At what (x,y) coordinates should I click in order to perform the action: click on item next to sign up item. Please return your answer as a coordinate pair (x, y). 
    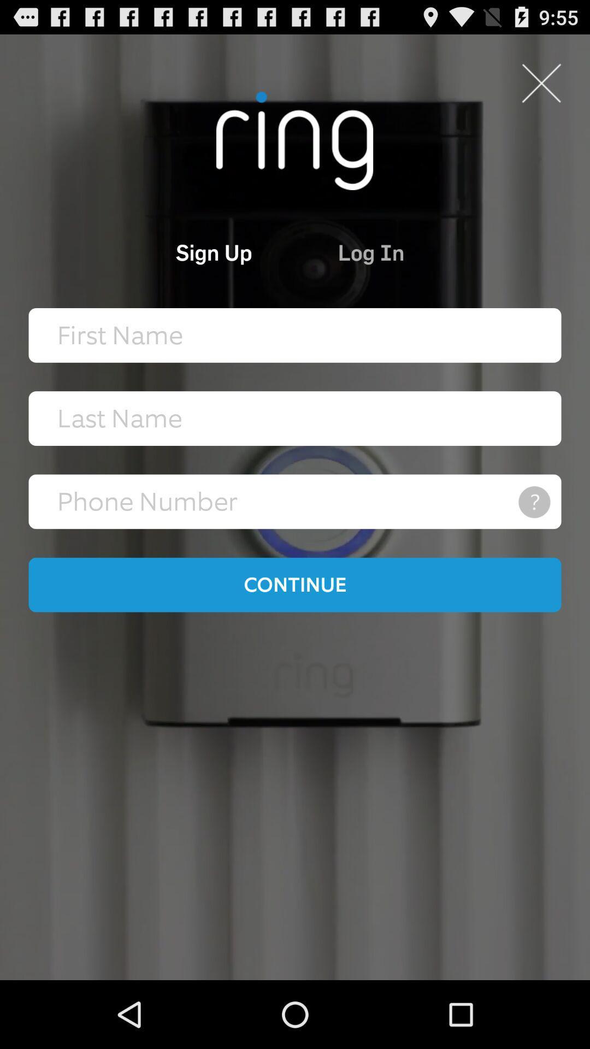
    Looking at the image, I should click on (420, 251).